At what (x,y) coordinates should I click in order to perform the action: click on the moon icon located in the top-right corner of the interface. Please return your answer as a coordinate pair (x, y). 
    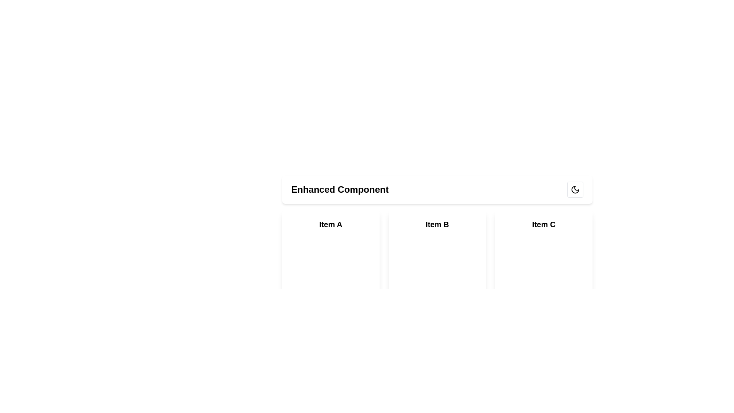
    Looking at the image, I should click on (575, 189).